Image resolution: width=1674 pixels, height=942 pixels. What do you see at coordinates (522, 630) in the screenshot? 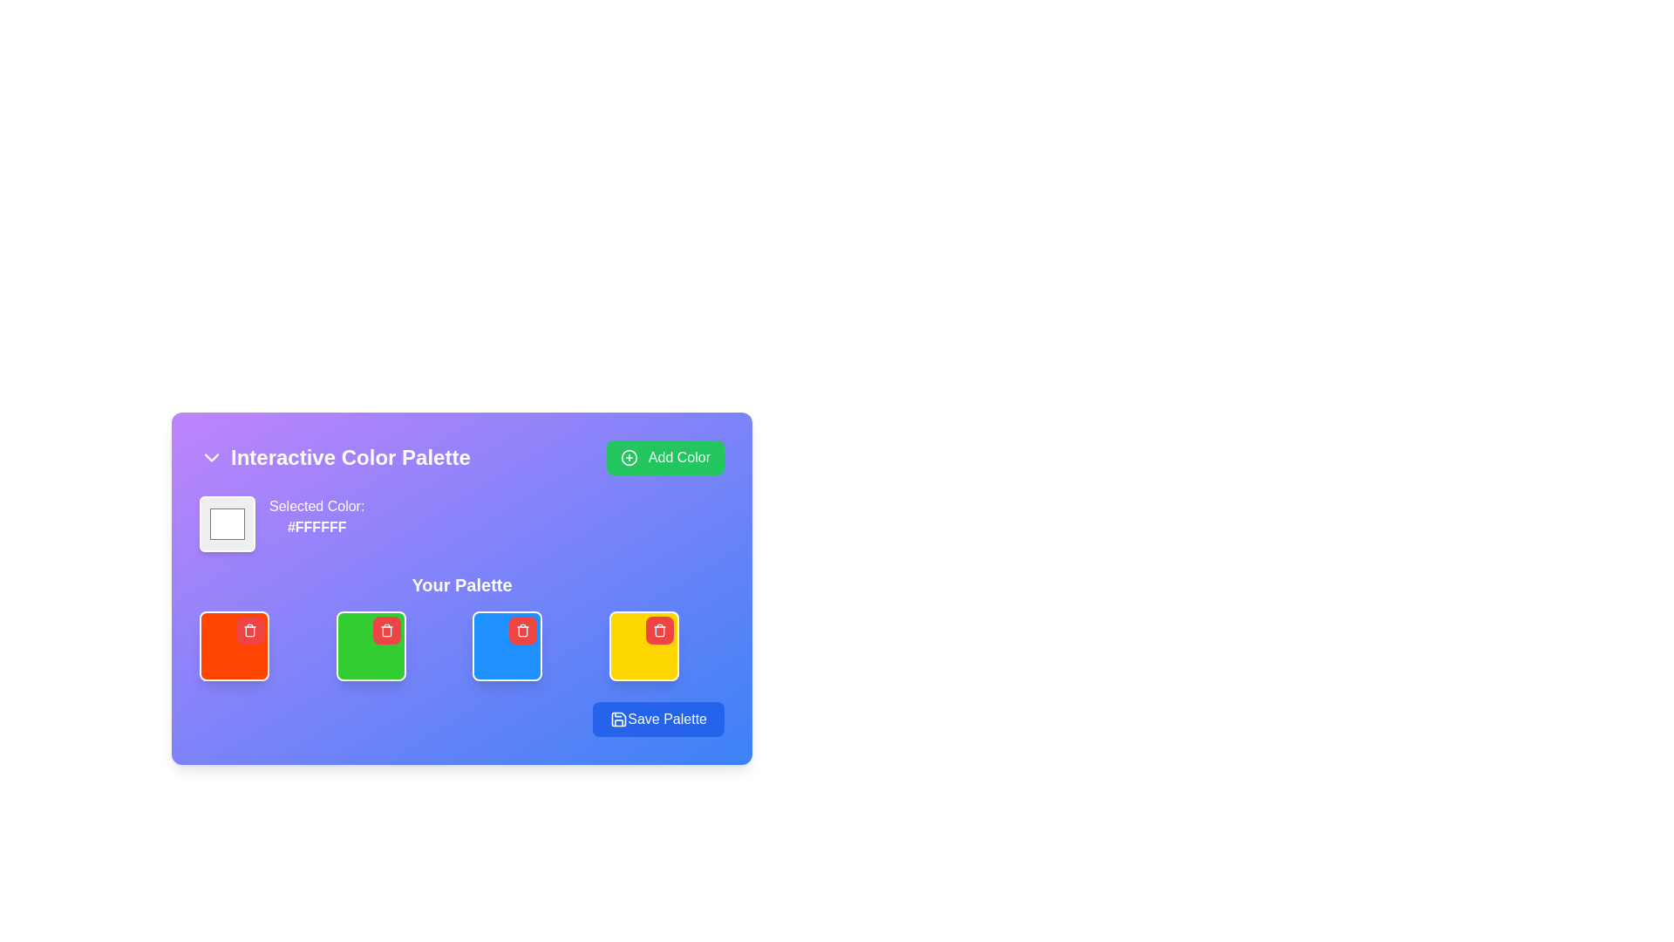
I see `the icon button styled like a trash bin, which has a red background and is the third button from the left in the 'Your Palette' section` at bounding box center [522, 630].